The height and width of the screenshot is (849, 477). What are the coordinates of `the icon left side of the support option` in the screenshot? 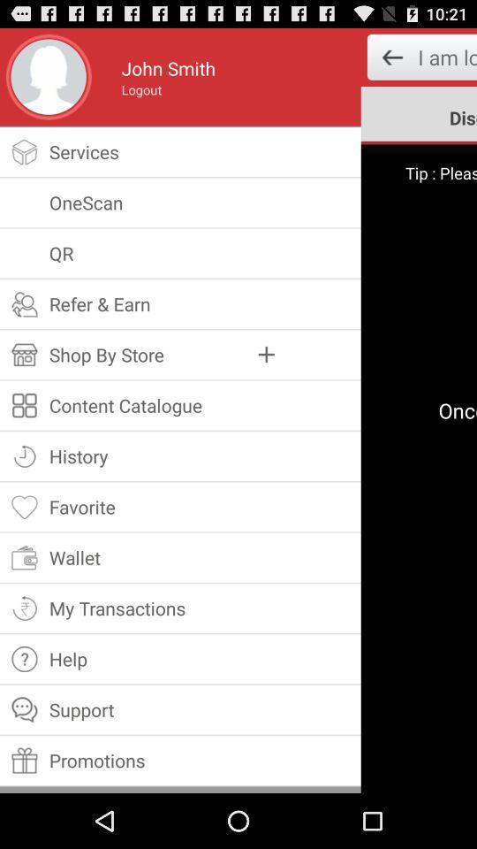 It's located at (24, 710).